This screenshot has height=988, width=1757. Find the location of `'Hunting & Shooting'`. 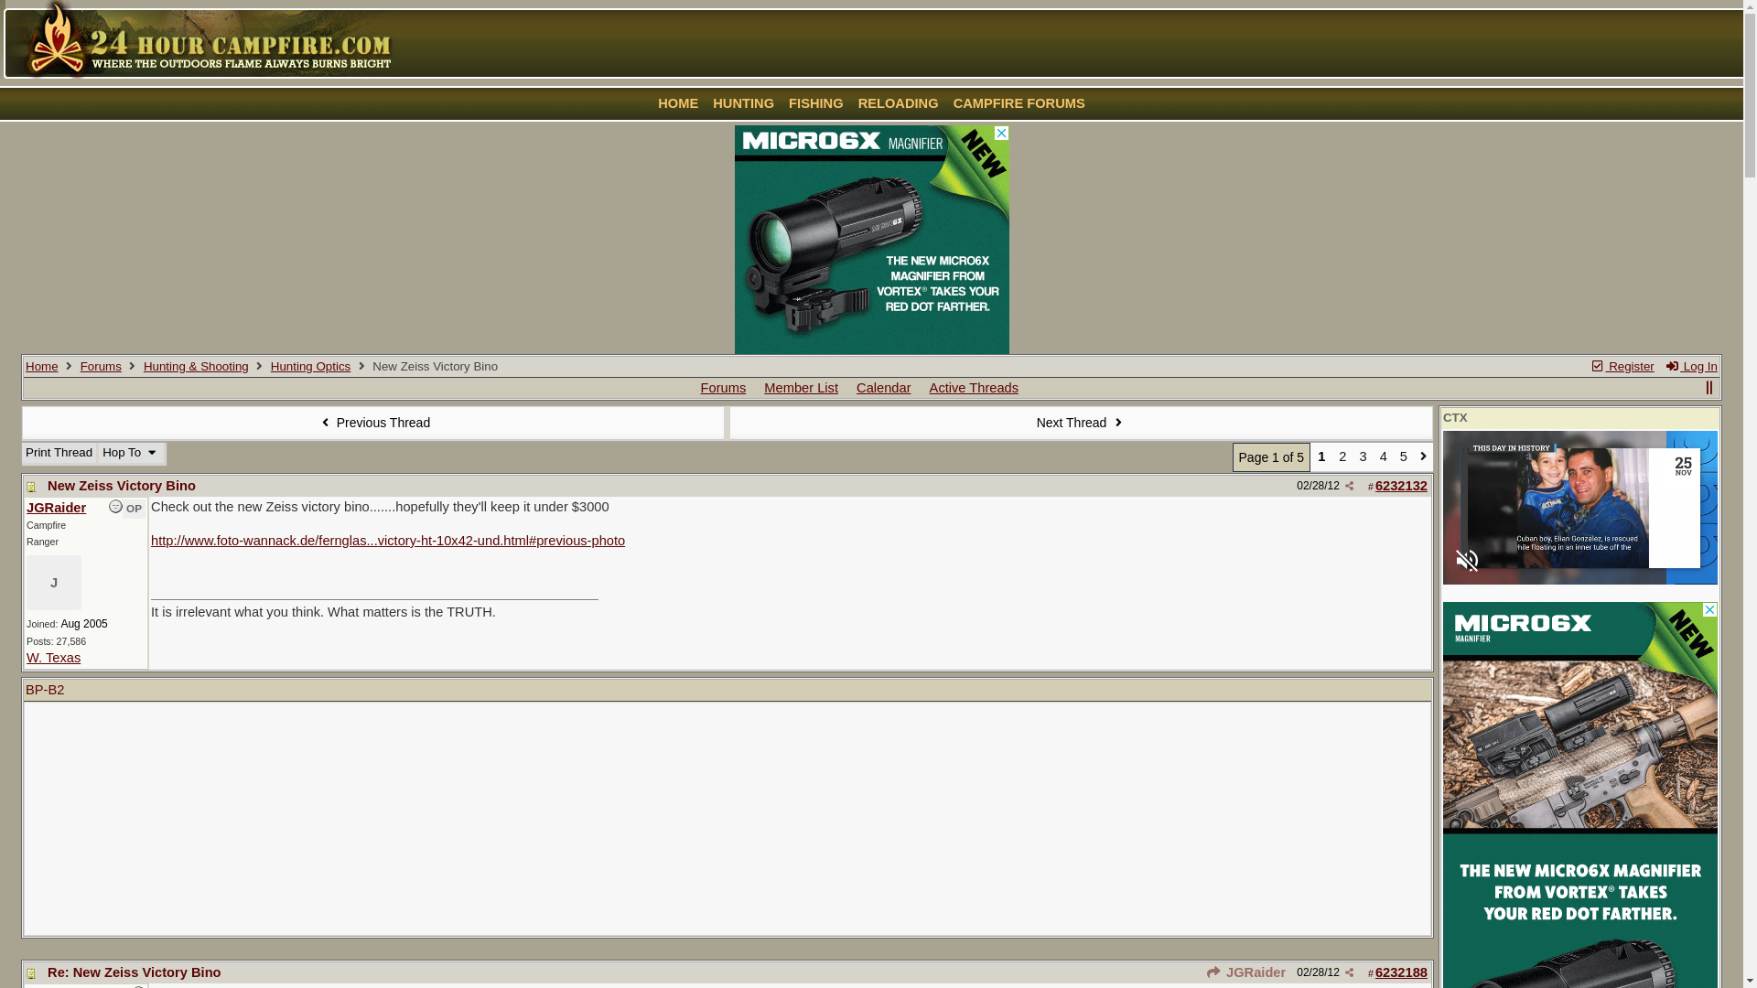

'Hunting & Shooting' is located at coordinates (143, 366).